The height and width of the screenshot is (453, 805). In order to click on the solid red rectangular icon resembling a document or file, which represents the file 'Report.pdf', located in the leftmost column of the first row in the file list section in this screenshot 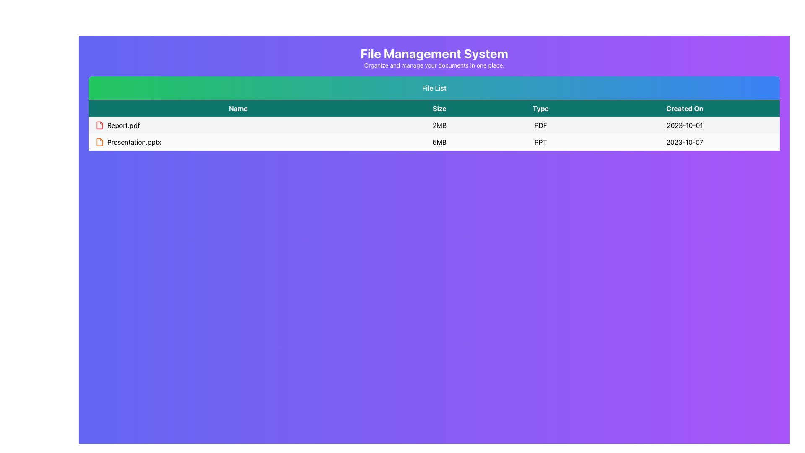, I will do `click(100, 125)`.